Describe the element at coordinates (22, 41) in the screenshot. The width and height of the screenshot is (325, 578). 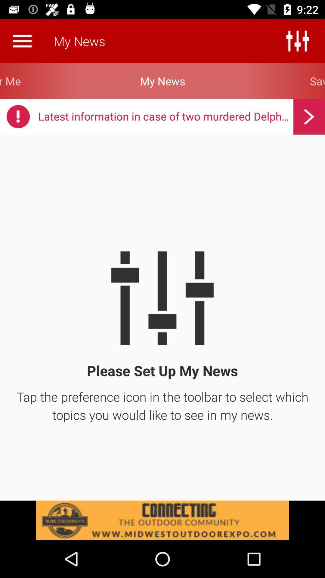
I see `open the menu` at that location.